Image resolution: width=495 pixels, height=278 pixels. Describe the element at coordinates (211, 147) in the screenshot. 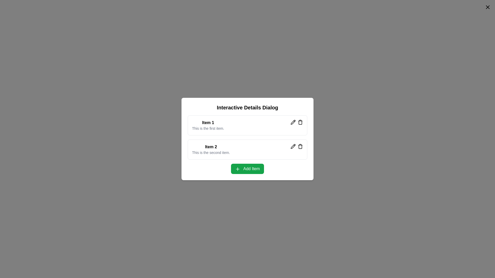

I see `the title text label for the second item in the list, which is centered below 'Item 1' and above the description 'This is the second item.'` at that location.